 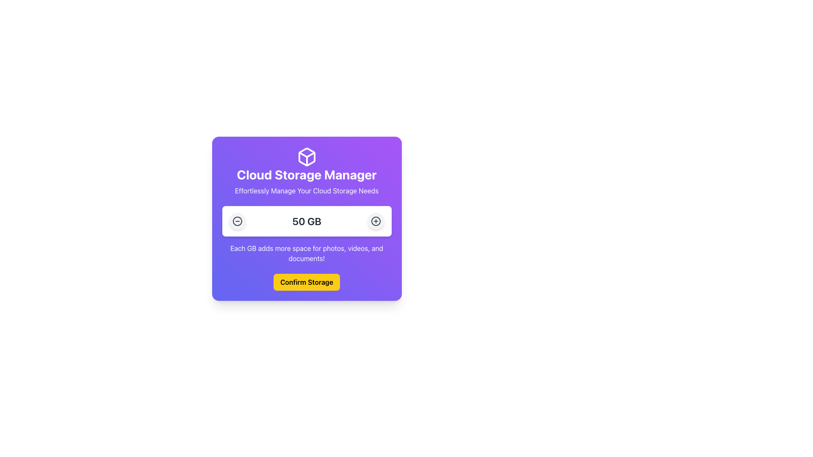 I want to click on the confirmation button located at the bottom of the card-like widget to confirm the user's selection of the storage option, so click(x=306, y=282).